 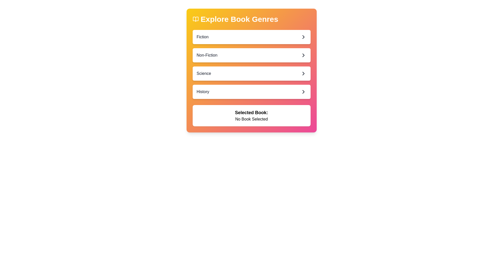 I want to click on the text label displaying 'Fiction', which is located at the top-left corner of the first list item in the 'Explore Book Genres' menu, so click(x=202, y=37).